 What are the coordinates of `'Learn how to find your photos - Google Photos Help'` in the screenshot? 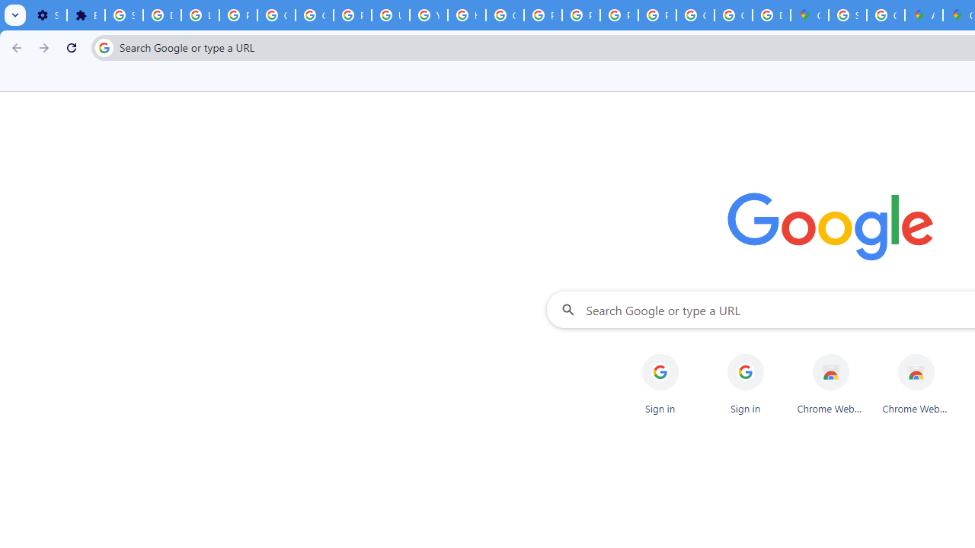 It's located at (200, 15).